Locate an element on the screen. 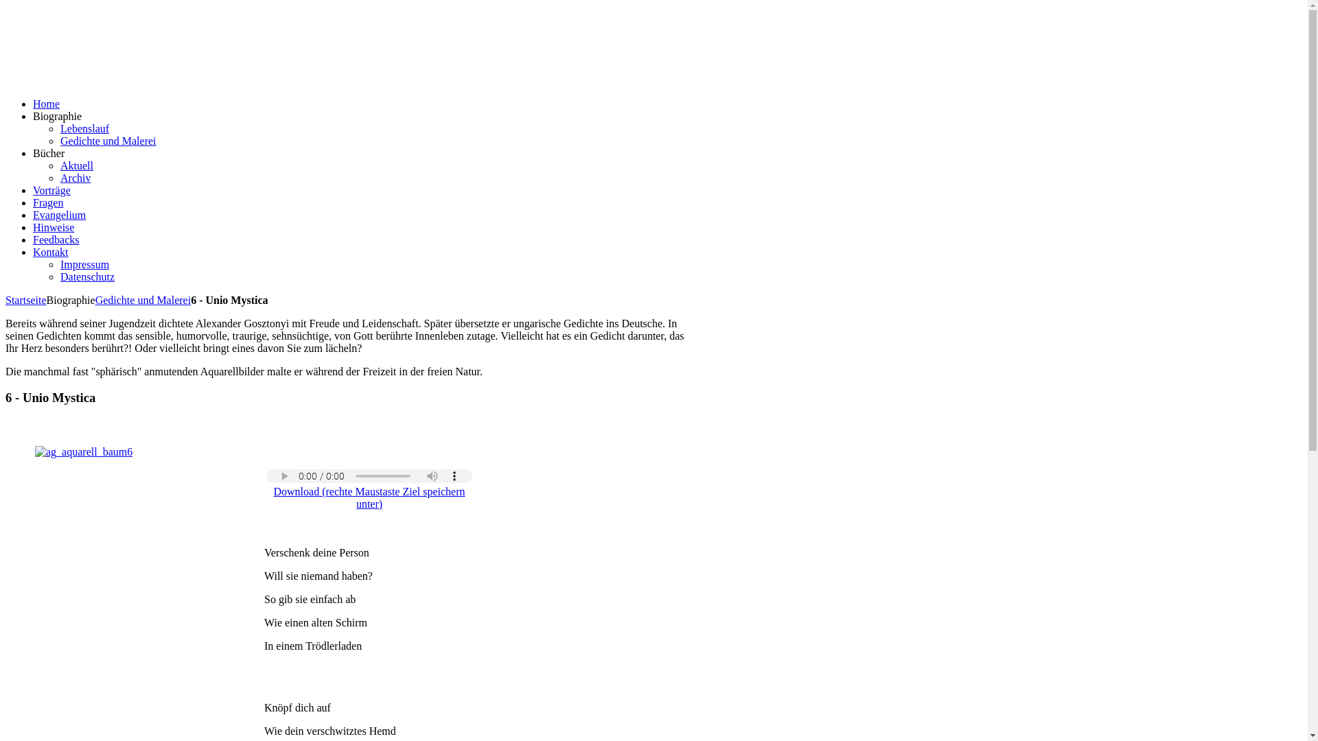 Image resolution: width=1318 pixels, height=741 pixels. 'Lebenslauf' is located at coordinates (84, 128).